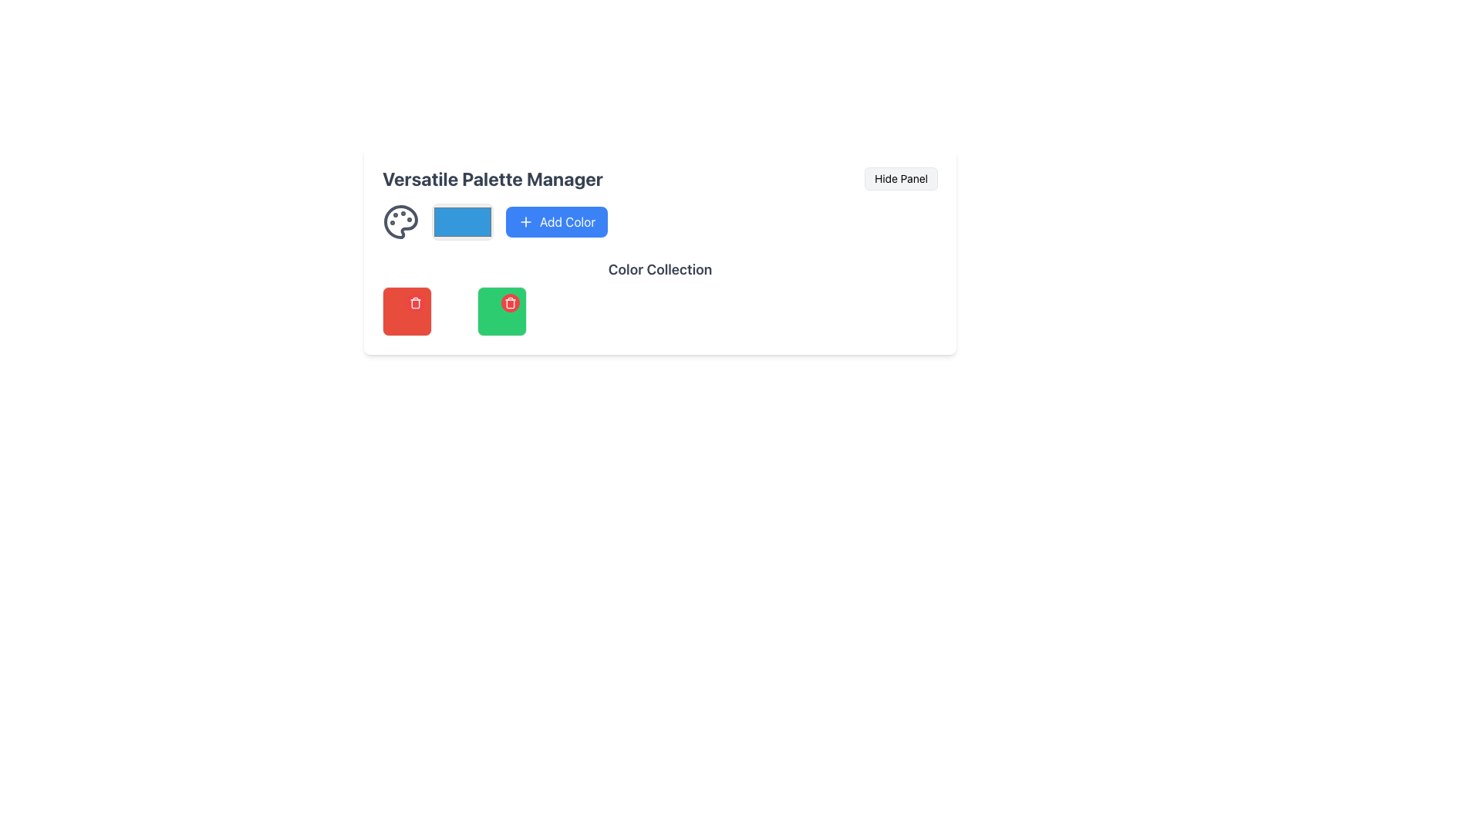 The height and width of the screenshot is (833, 1481). I want to click on the trash can icon located at the top-right corner of the color palette section, so click(415, 303).